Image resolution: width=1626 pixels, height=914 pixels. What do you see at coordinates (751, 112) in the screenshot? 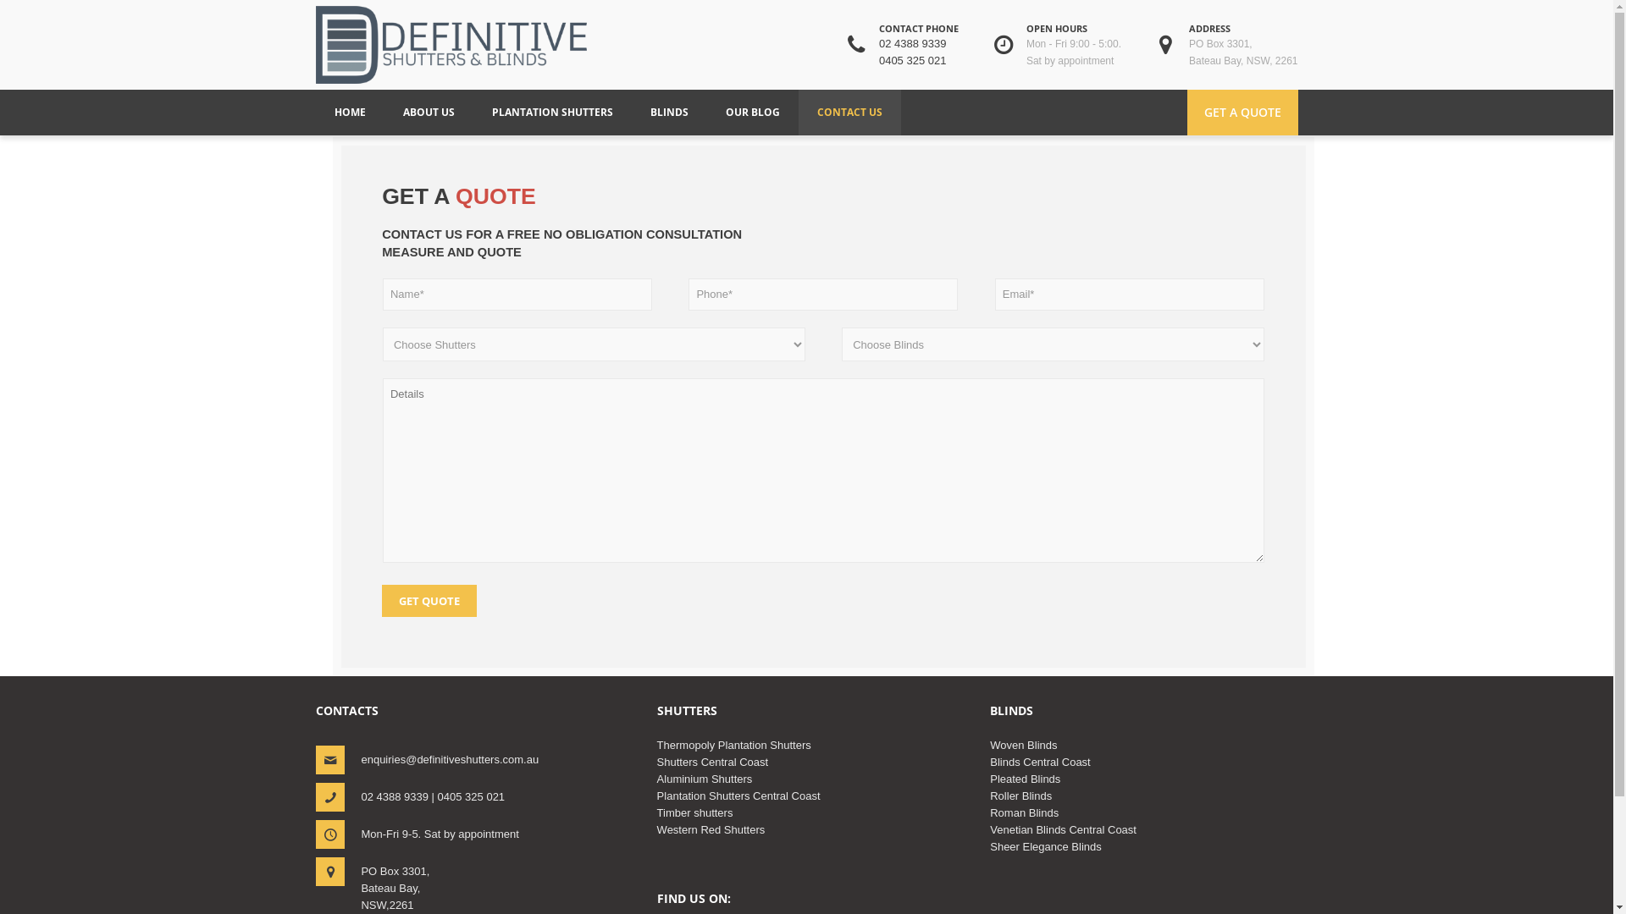
I see `'OUR BLOG'` at bounding box center [751, 112].